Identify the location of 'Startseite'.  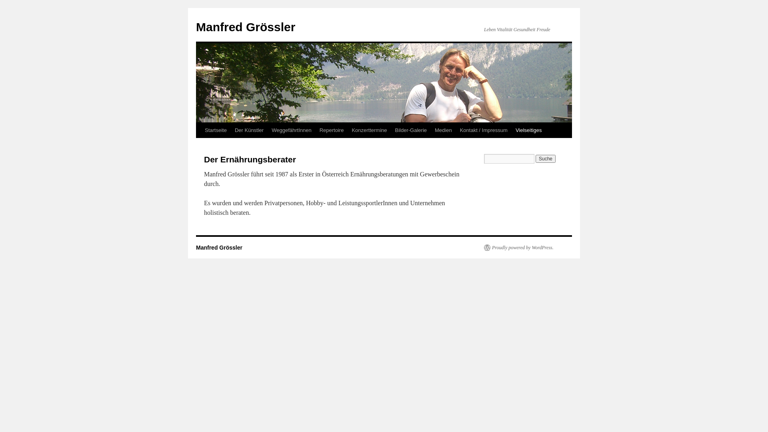
(216, 130).